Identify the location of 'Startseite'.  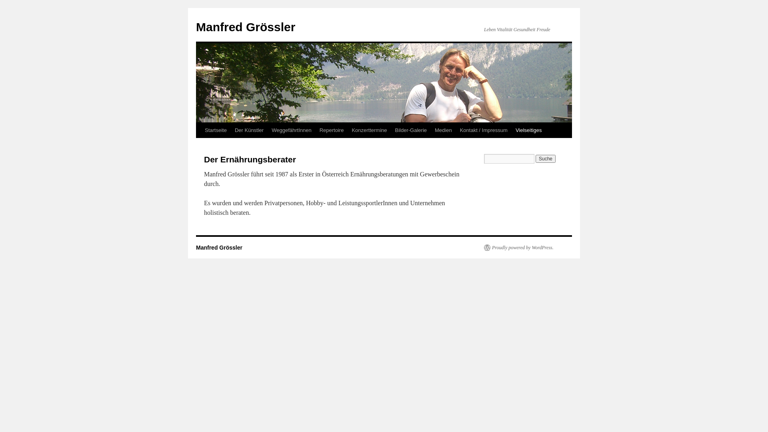
(216, 130).